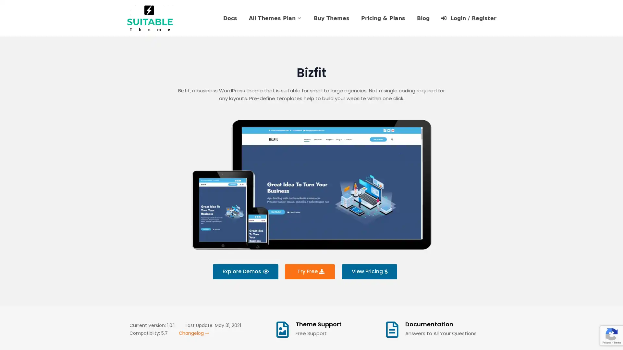  Describe the element at coordinates (369, 271) in the screenshot. I see `View Pricing` at that location.